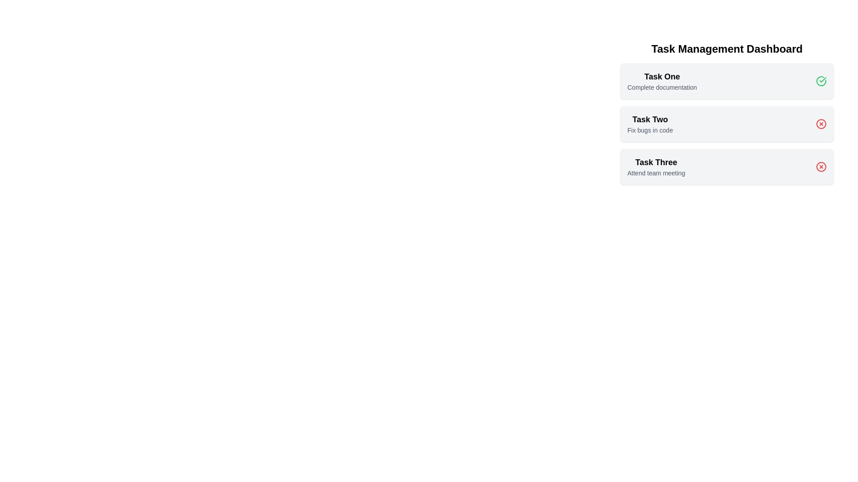 The image size is (858, 482). I want to click on the list item Task One to inspect its hover effect, so click(662, 81).